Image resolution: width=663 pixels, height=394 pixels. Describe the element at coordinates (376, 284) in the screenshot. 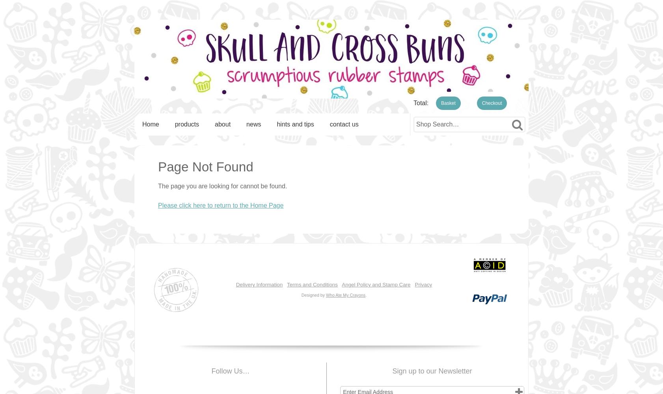

I see `'Angel Policy and Stamp Care'` at that location.